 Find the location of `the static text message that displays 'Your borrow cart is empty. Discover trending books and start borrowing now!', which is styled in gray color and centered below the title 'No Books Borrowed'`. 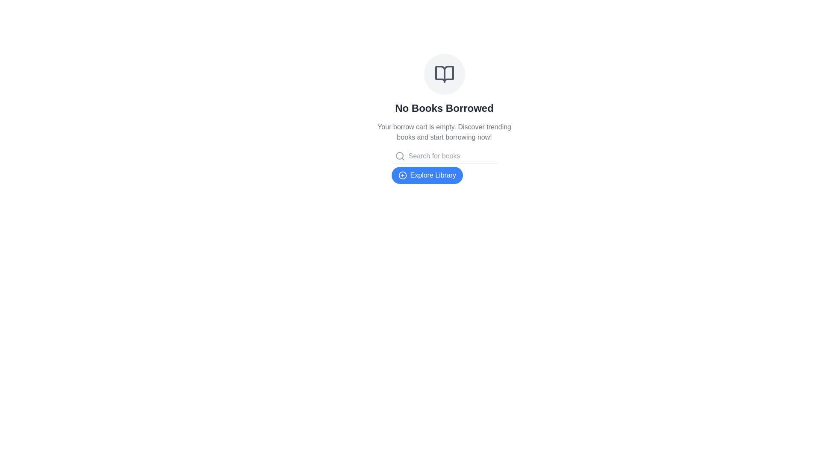

the static text message that displays 'Your borrow cart is empty. Discover trending books and start borrowing now!', which is styled in gray color and centered below the title 'No Books Borrowed' is located at coordinates (444, 132).